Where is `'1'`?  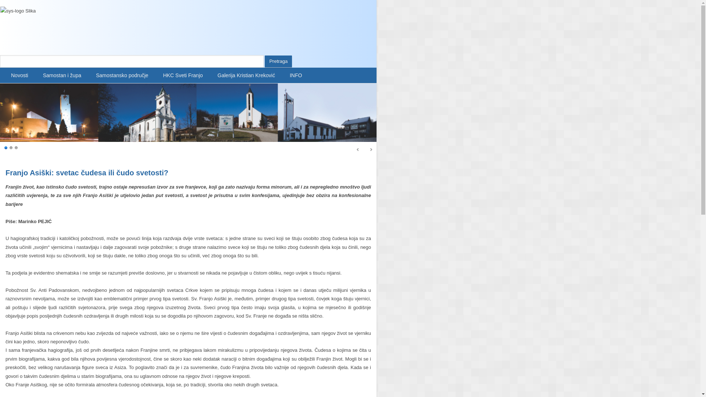 '1' is located at coordinates (6, 147).